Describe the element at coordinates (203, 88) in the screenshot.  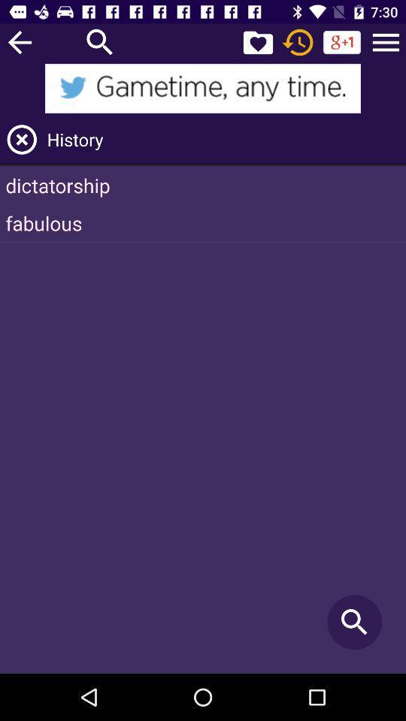
I see `icon above history` at that location.